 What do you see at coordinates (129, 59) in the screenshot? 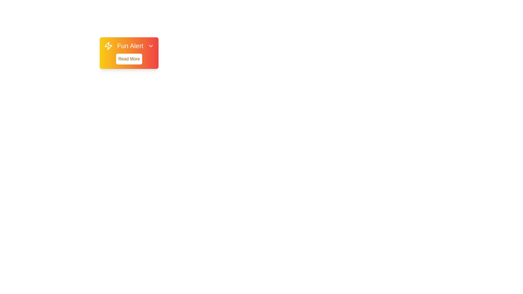
I see `'Read More' button to expand the content` at bounding box center [129, 59].